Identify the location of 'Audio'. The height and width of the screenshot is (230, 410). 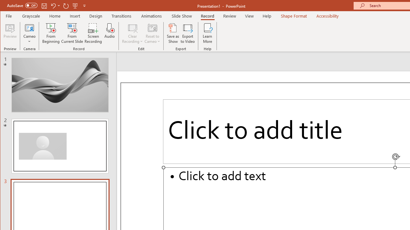
(110, 33).